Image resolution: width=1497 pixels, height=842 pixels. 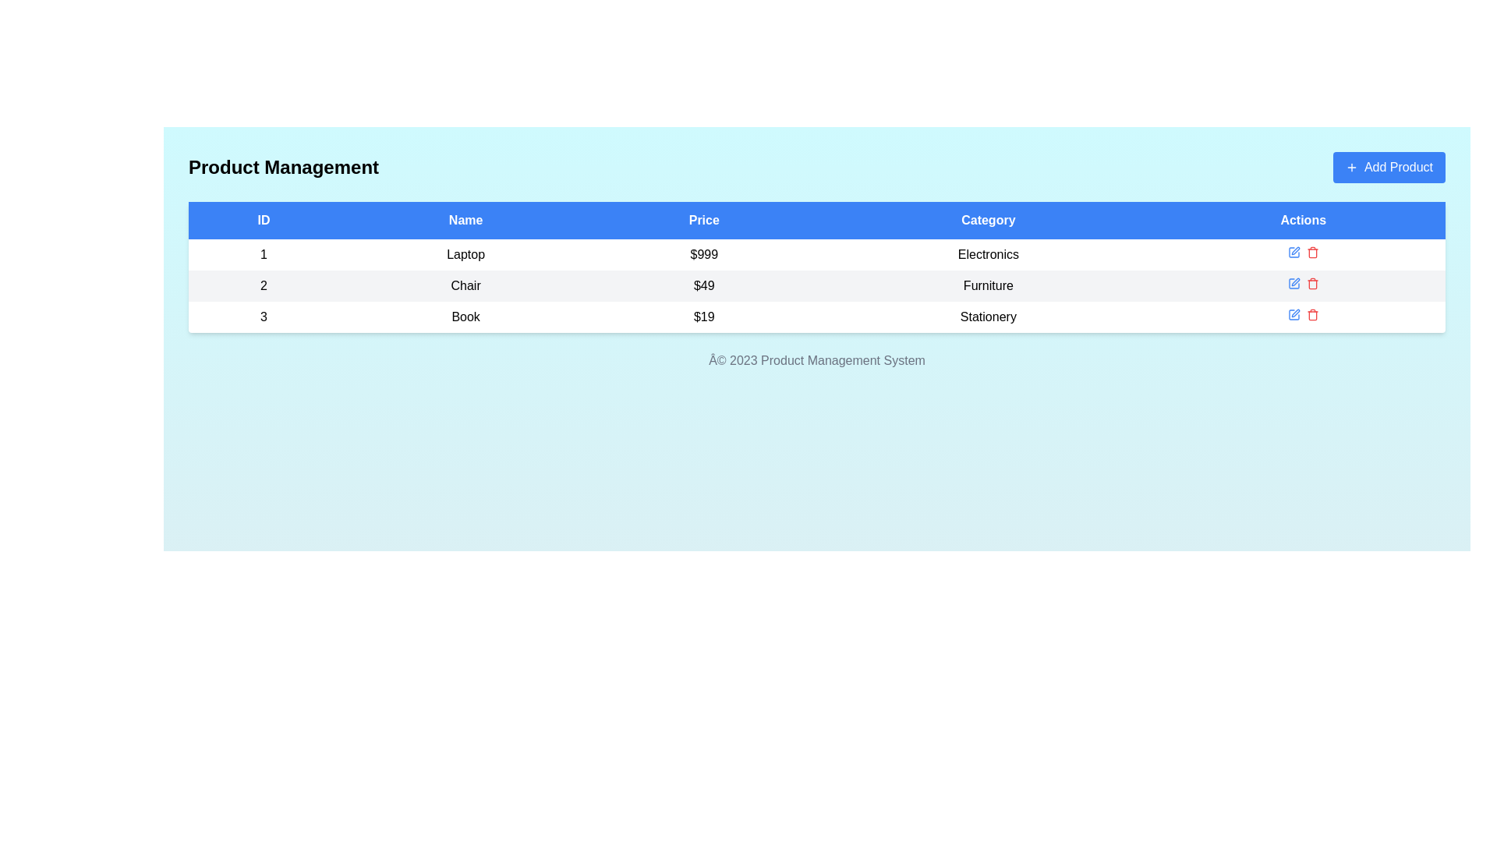 What do you see at coordinates (987, 285) in the screenshot?
I see `text label displaying 'Furniture' located in the fourth column under the 'Category' header of the second row of the table` at bounding box center [987, 285].